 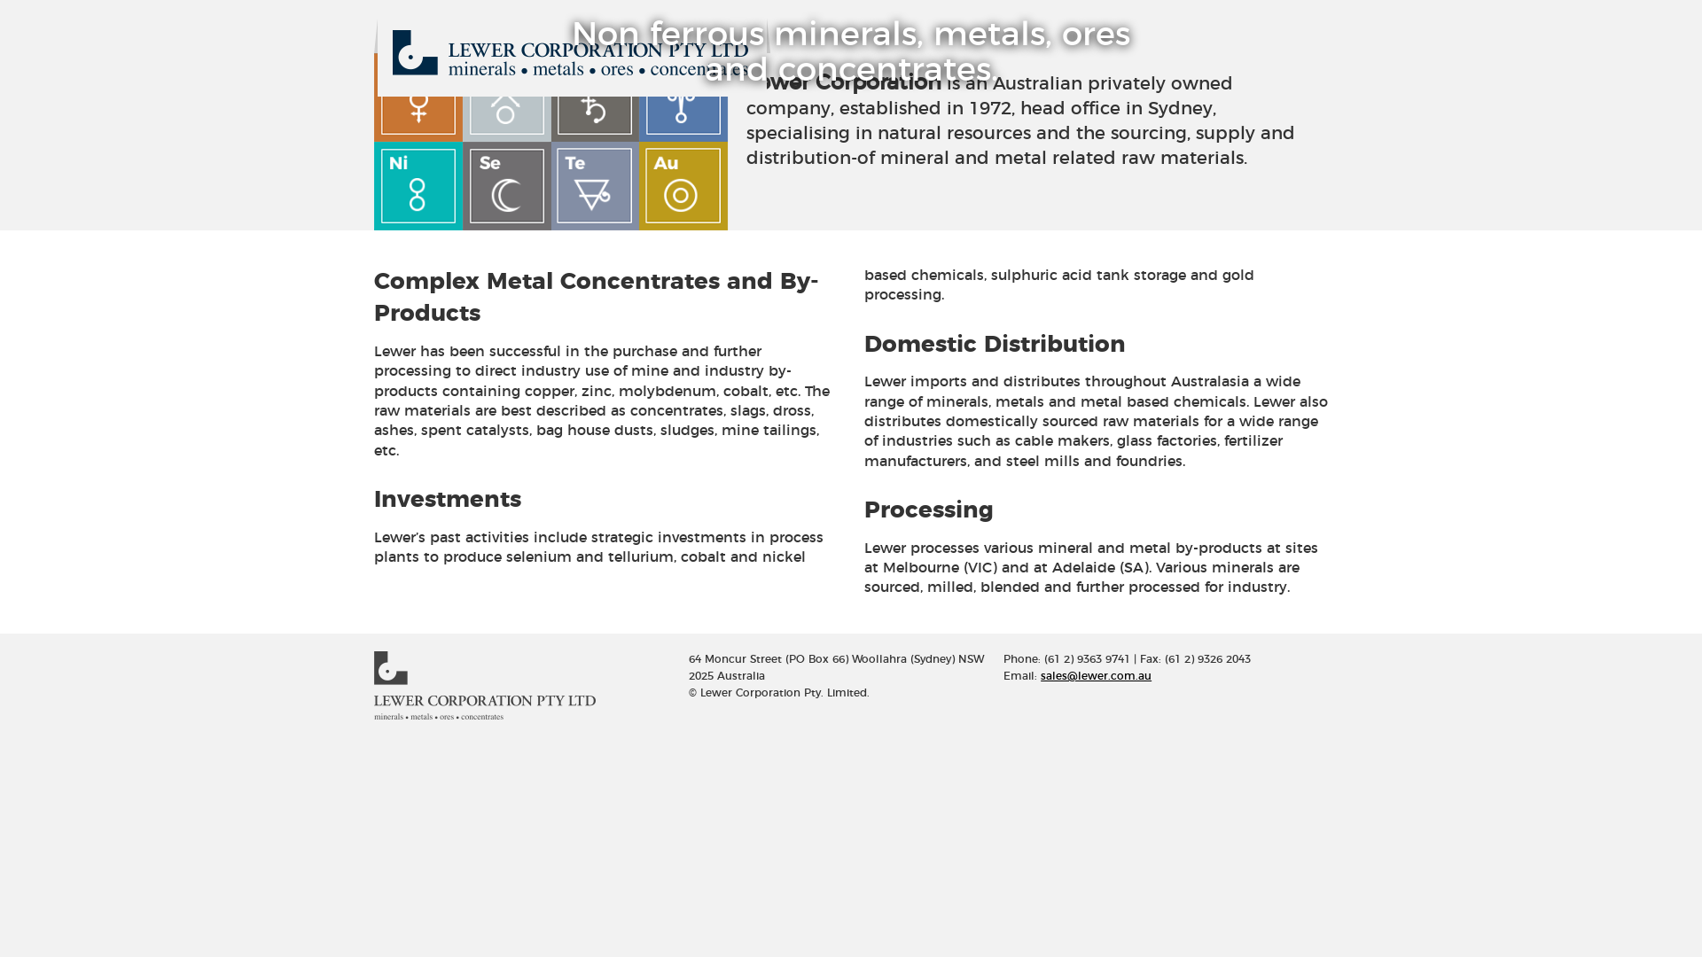 I want to click on 'sales@lewer.com.au', so click(x=1041, y=676).